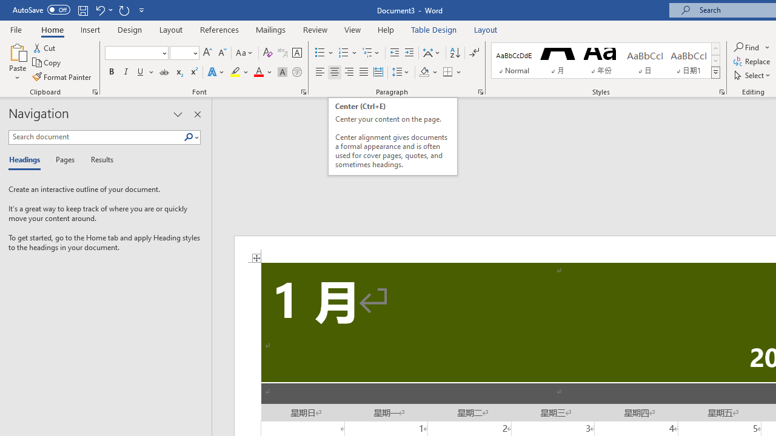 The image size is (776, 436). Describe the element at coordinates (178, 72) in the screenshot. I see `'Subscript'` at that location.